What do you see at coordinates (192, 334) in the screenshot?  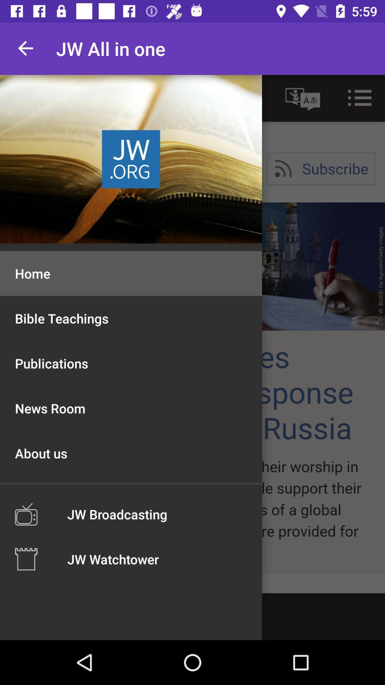 I see `go home` at bounding box center [192, 334].